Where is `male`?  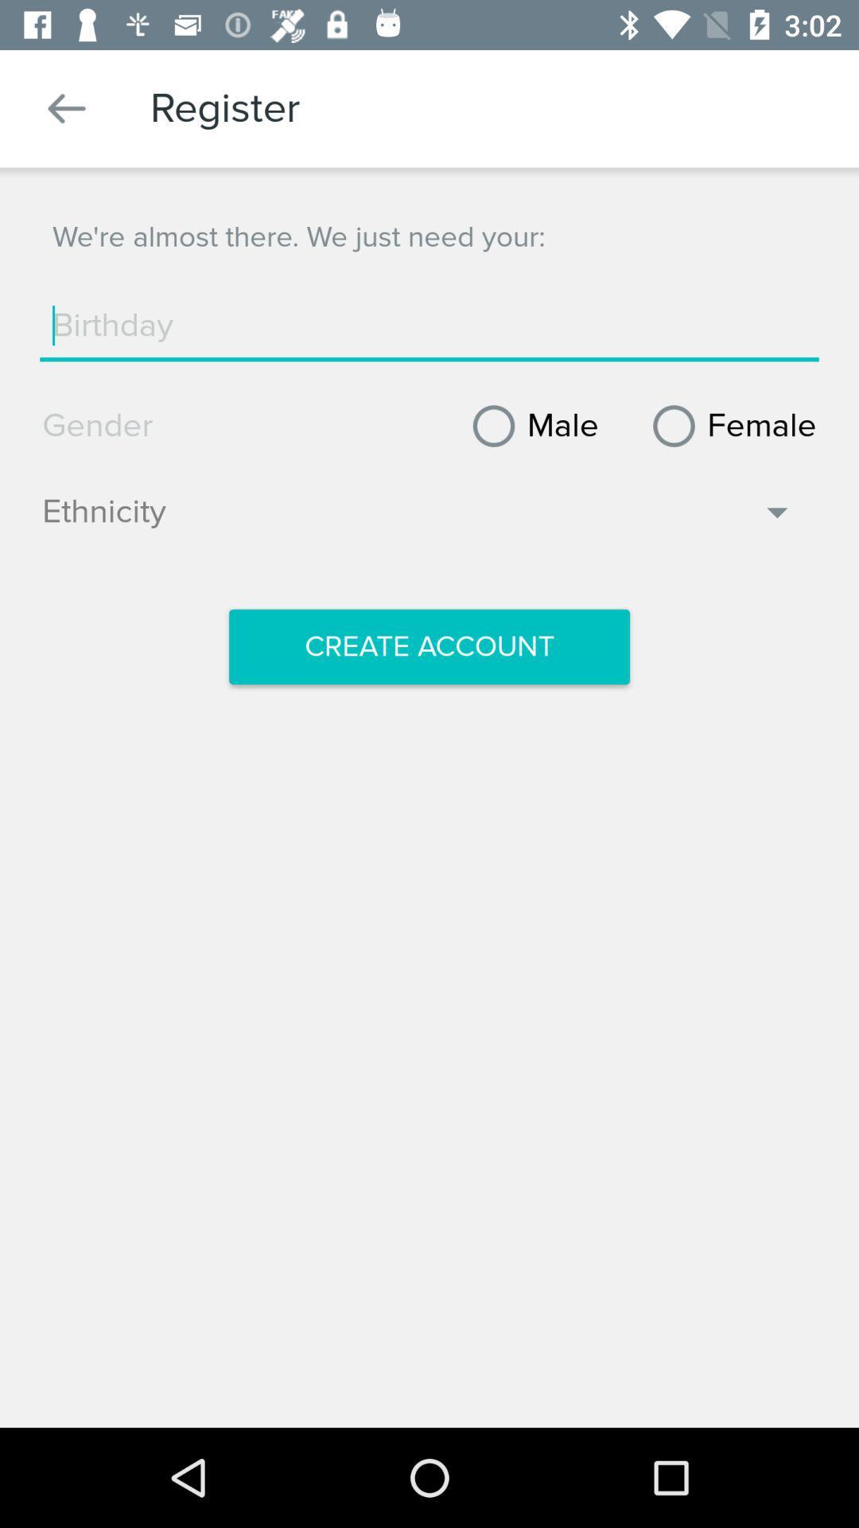 male is located at coordinates (530, 426).